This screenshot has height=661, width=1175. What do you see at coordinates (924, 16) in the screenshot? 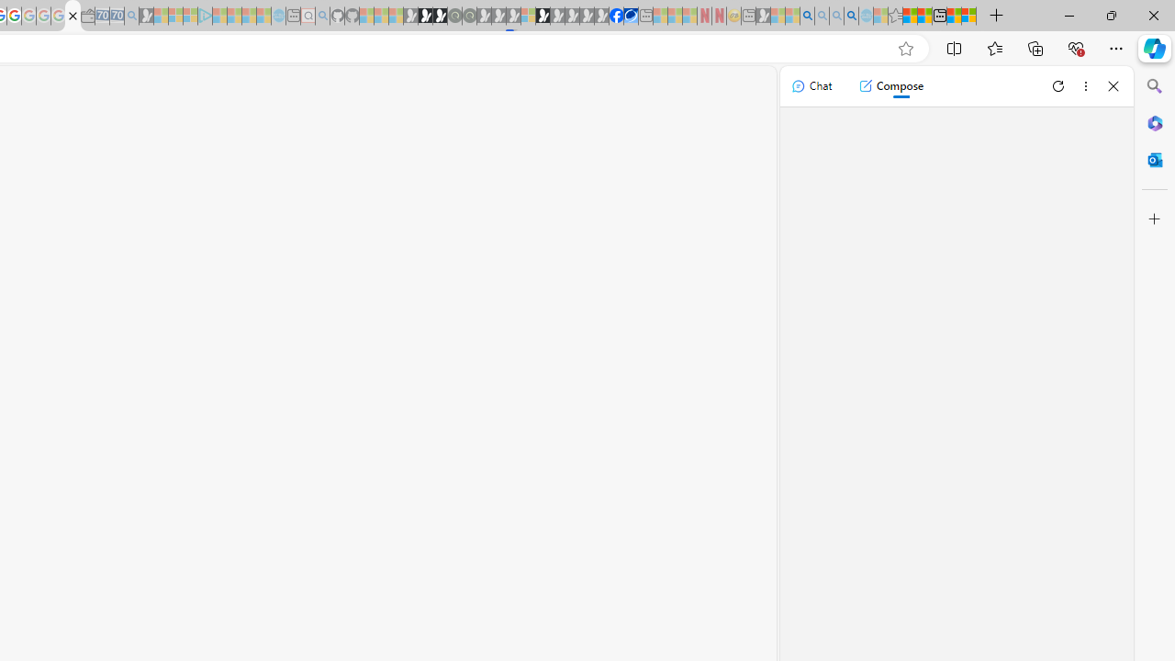
I see `'Aberdeen, Hong Kong SAR weather forecast | Microsoft Weather'` at bounding box center [924, 16].